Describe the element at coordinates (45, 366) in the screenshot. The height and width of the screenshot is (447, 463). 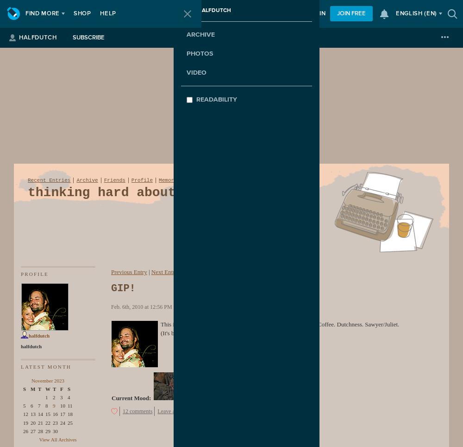
I see `'Latest Month'` at that location.